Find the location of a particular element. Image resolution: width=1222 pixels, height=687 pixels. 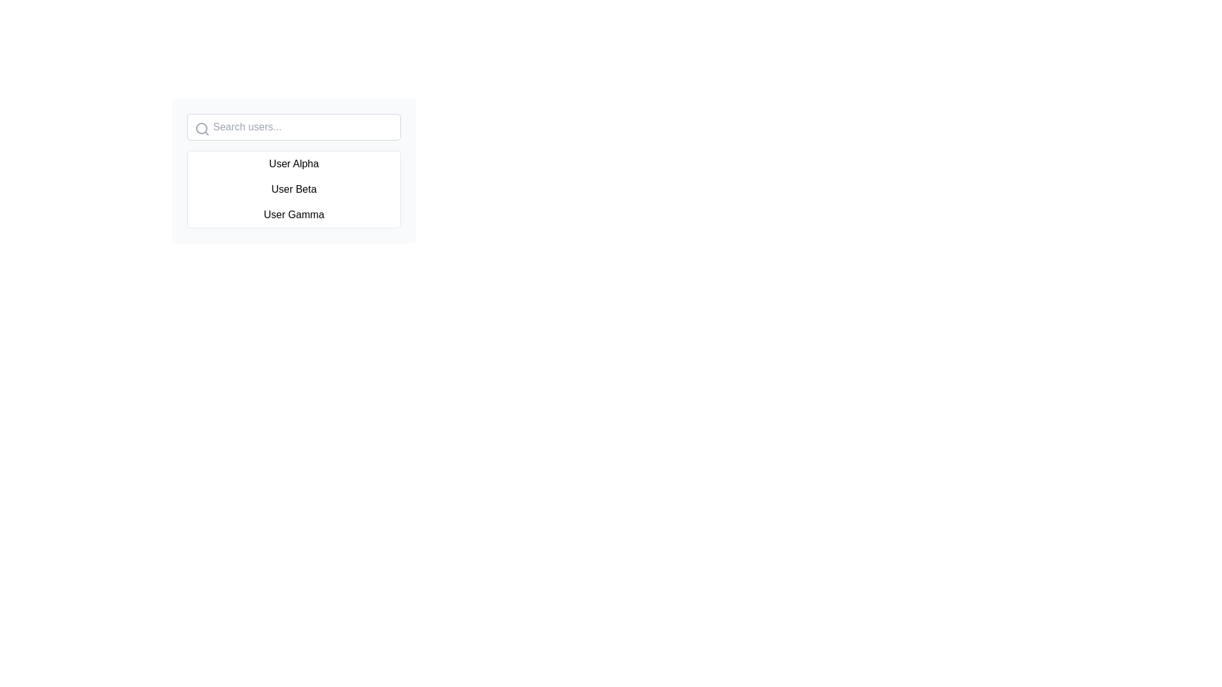

the input box used for filtering or searching users to focus it is located at coordinates (293, 127).